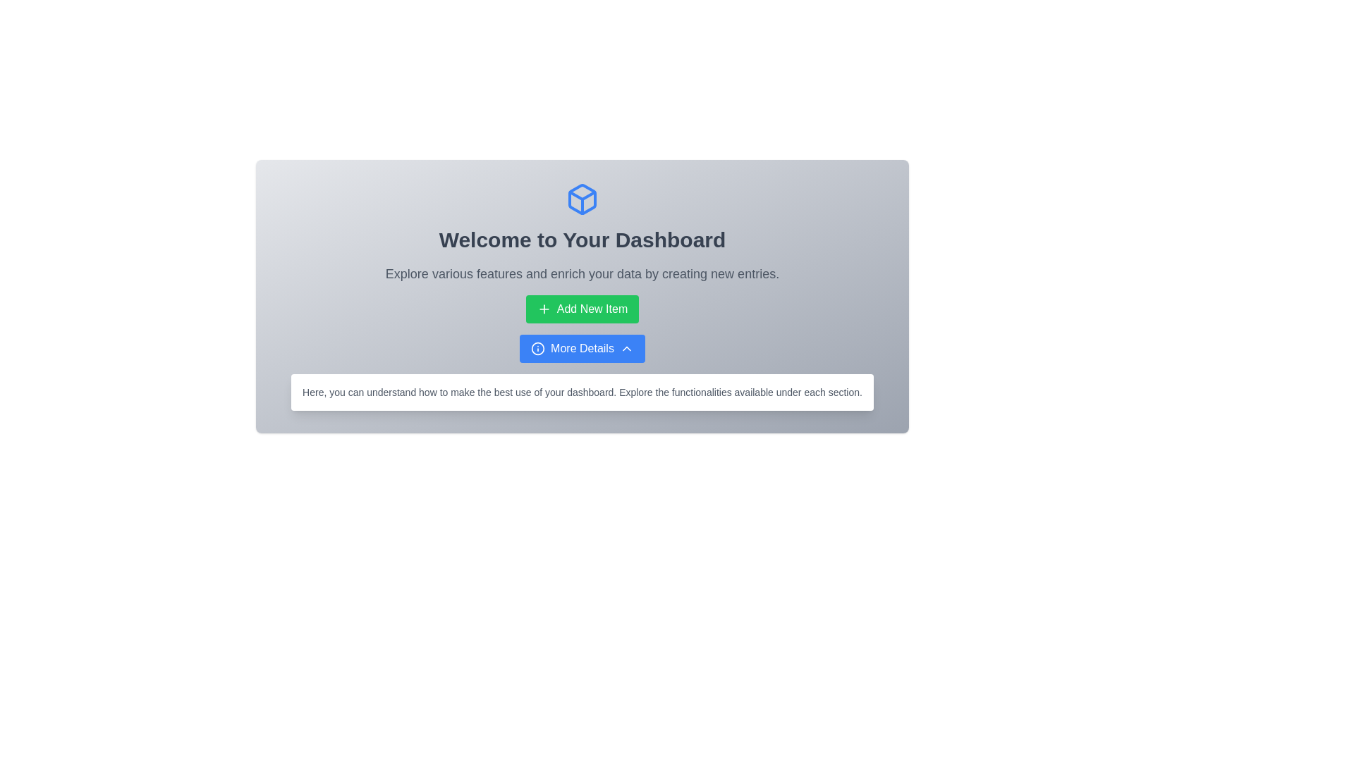 This screenshot has height=761, width=1354. I want to click on the blue 3D box icon located at the top center of the interface above the heading 'Welcome to Your Dashboard', so click(582, 199).